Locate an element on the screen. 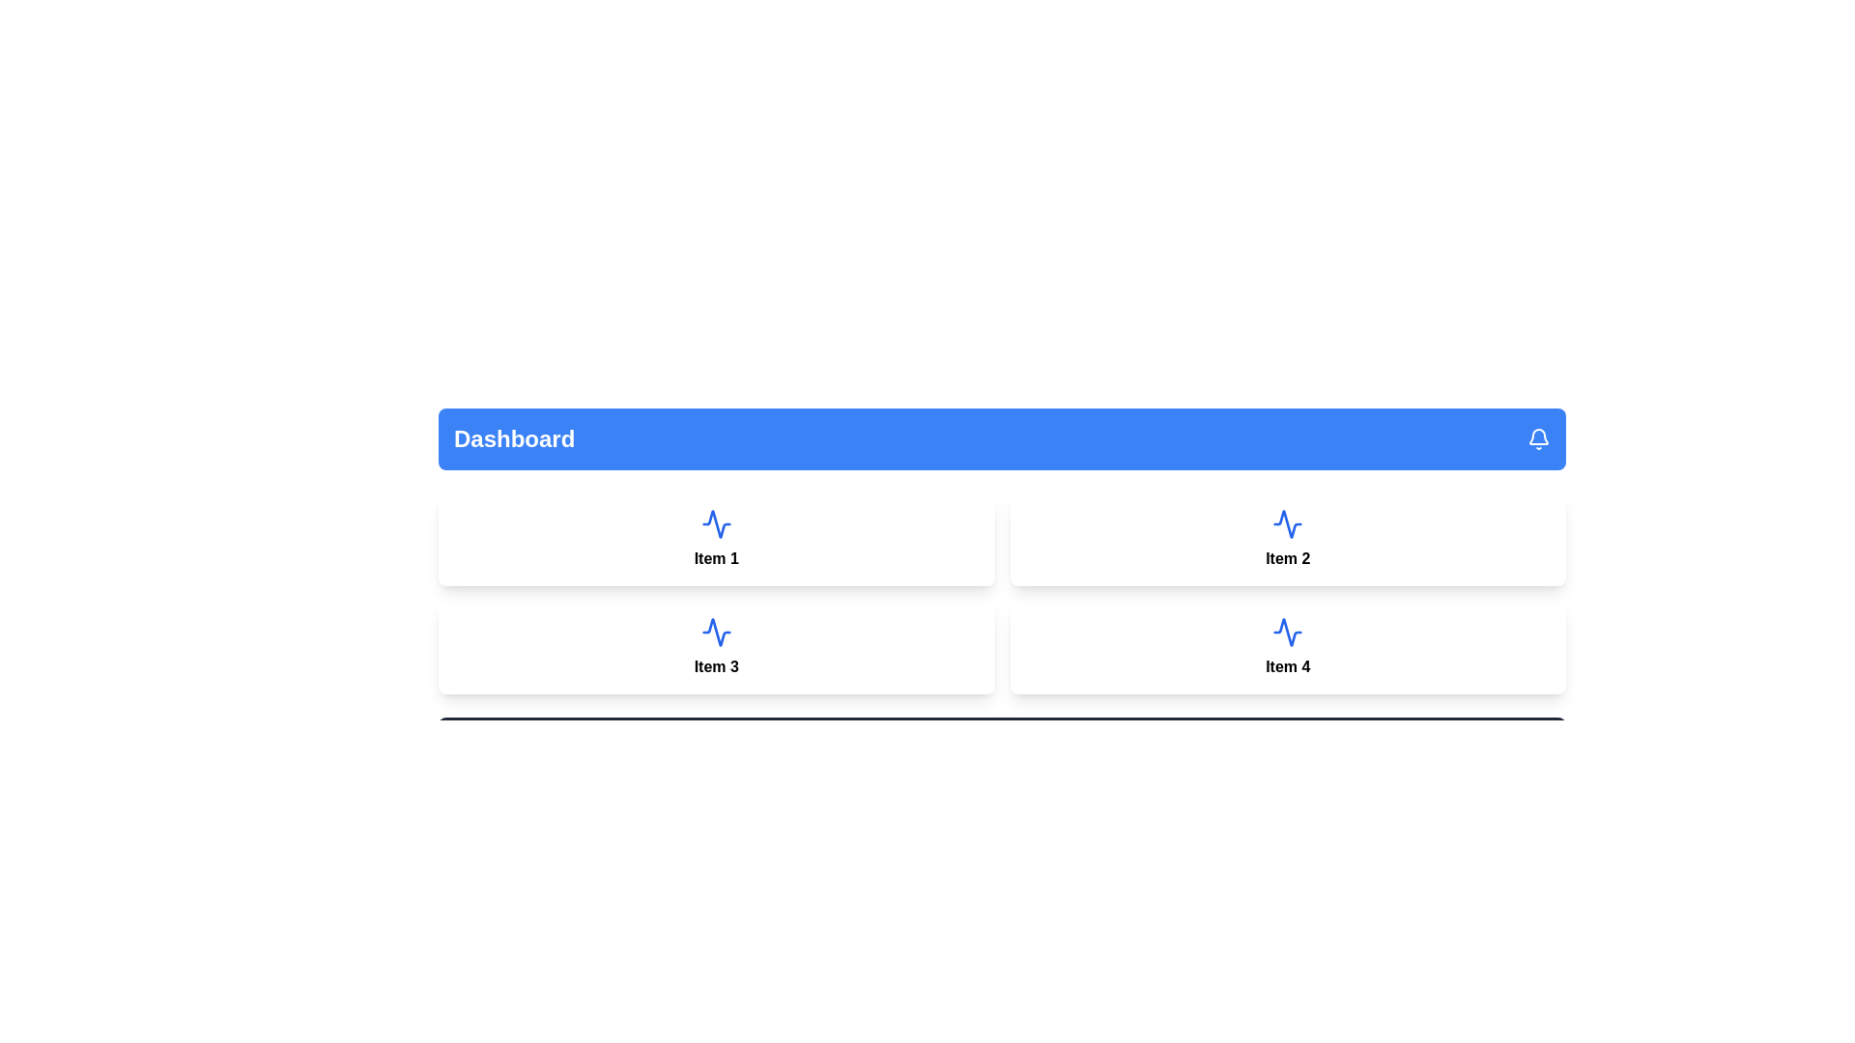 Image resolution: width=1855 pixels, height=1043 pixels. the blue-colored graphical icon resembling a waveform or activity indicator located in the top-left card ('Item 1') of a grid, positioned above the text label is located at coordinates (715, 524).